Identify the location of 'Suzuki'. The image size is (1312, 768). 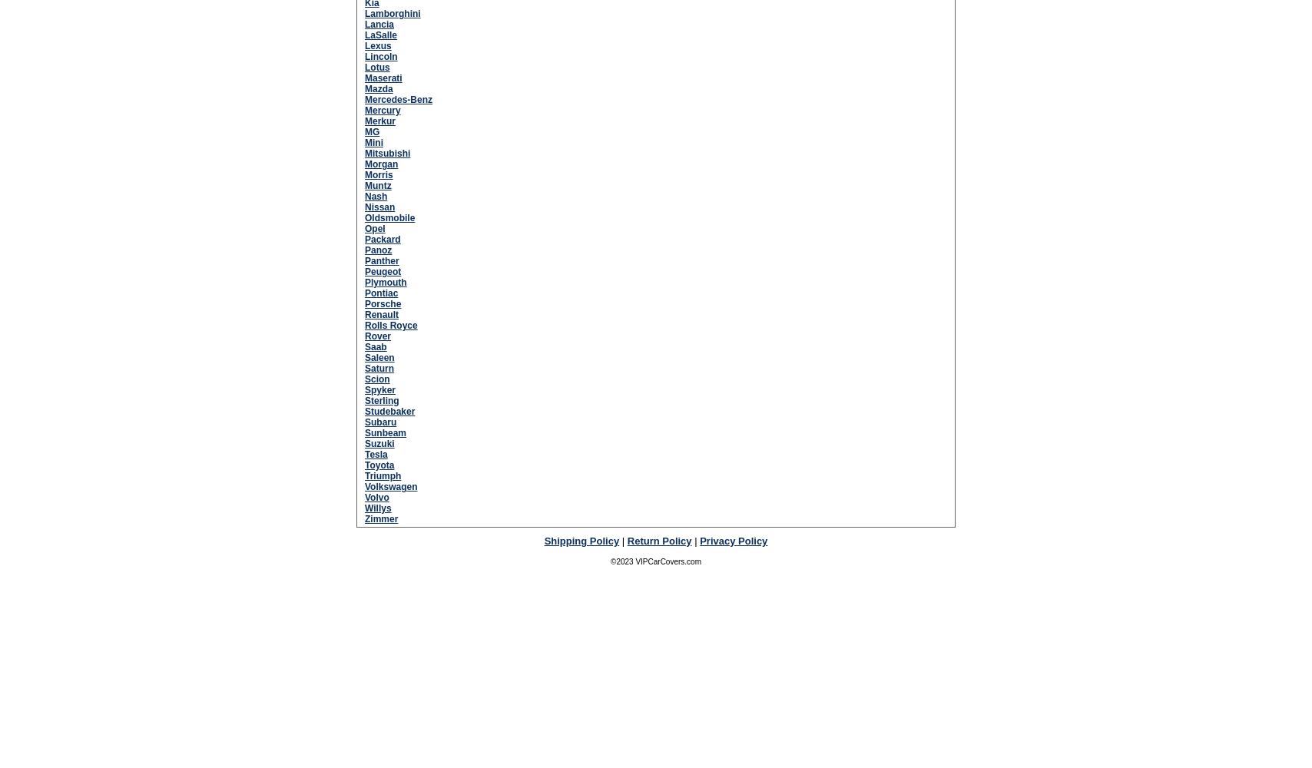
(379, 442).